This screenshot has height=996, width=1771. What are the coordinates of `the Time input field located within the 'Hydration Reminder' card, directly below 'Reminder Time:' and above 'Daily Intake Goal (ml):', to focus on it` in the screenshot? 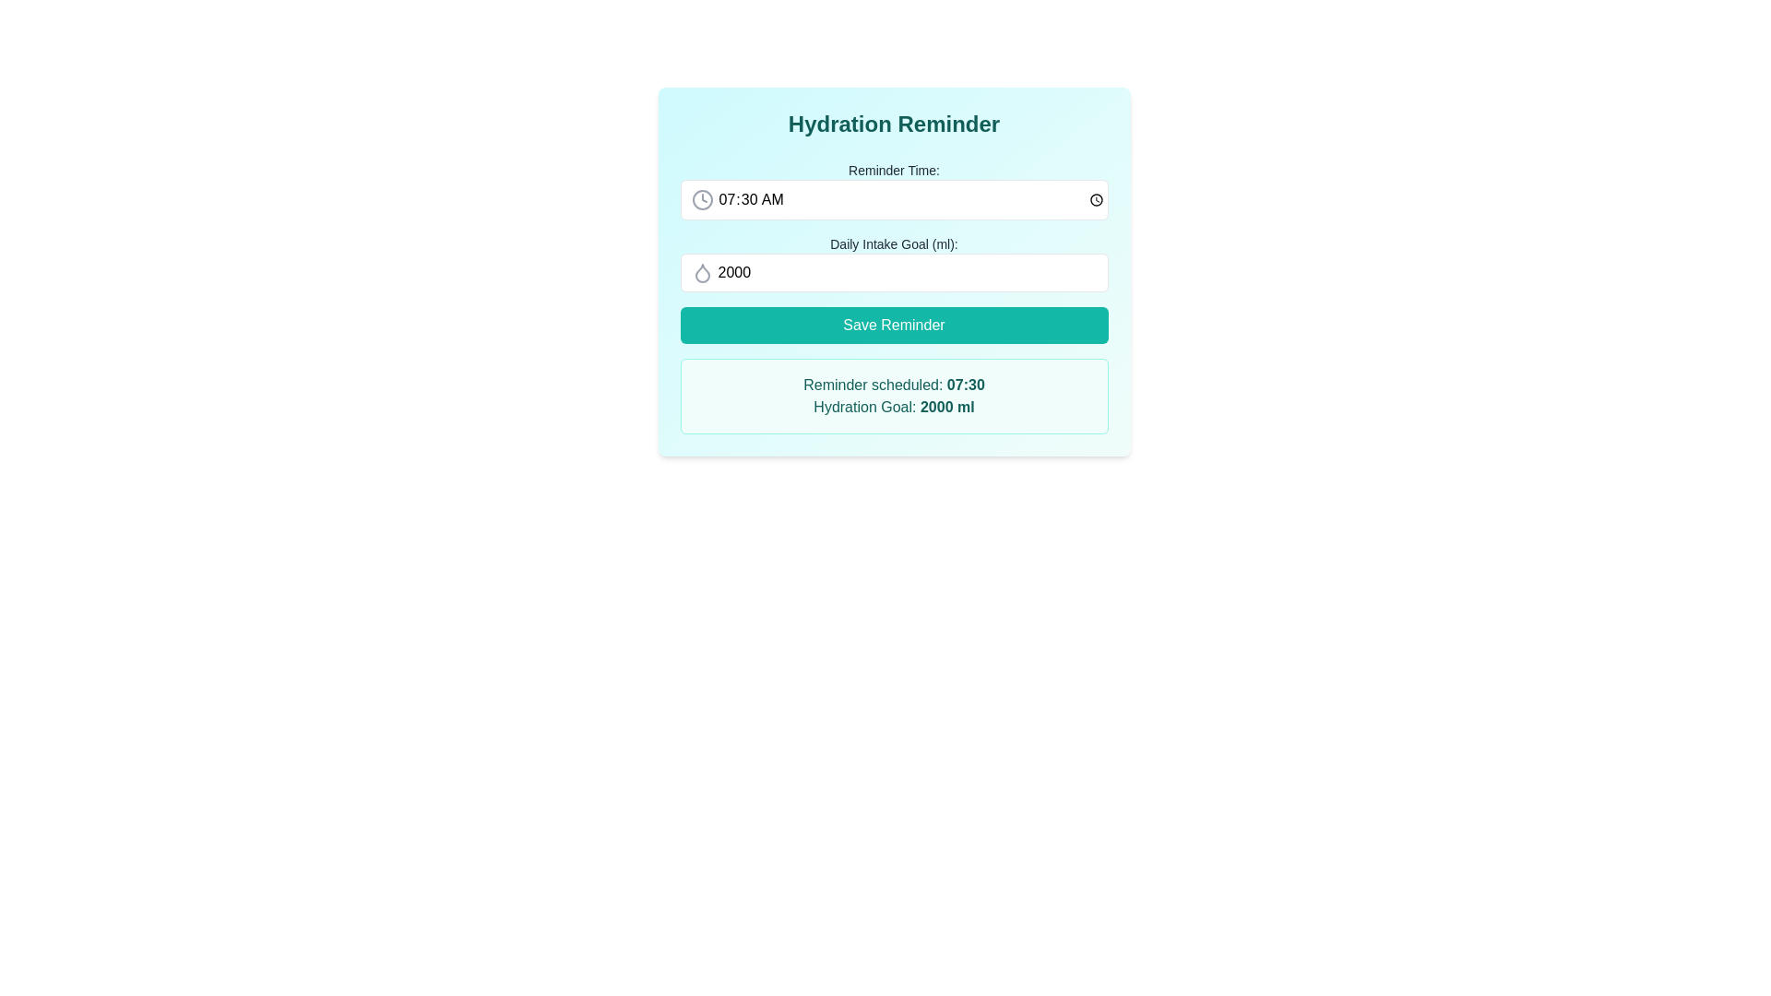 It's located at (894, 199).